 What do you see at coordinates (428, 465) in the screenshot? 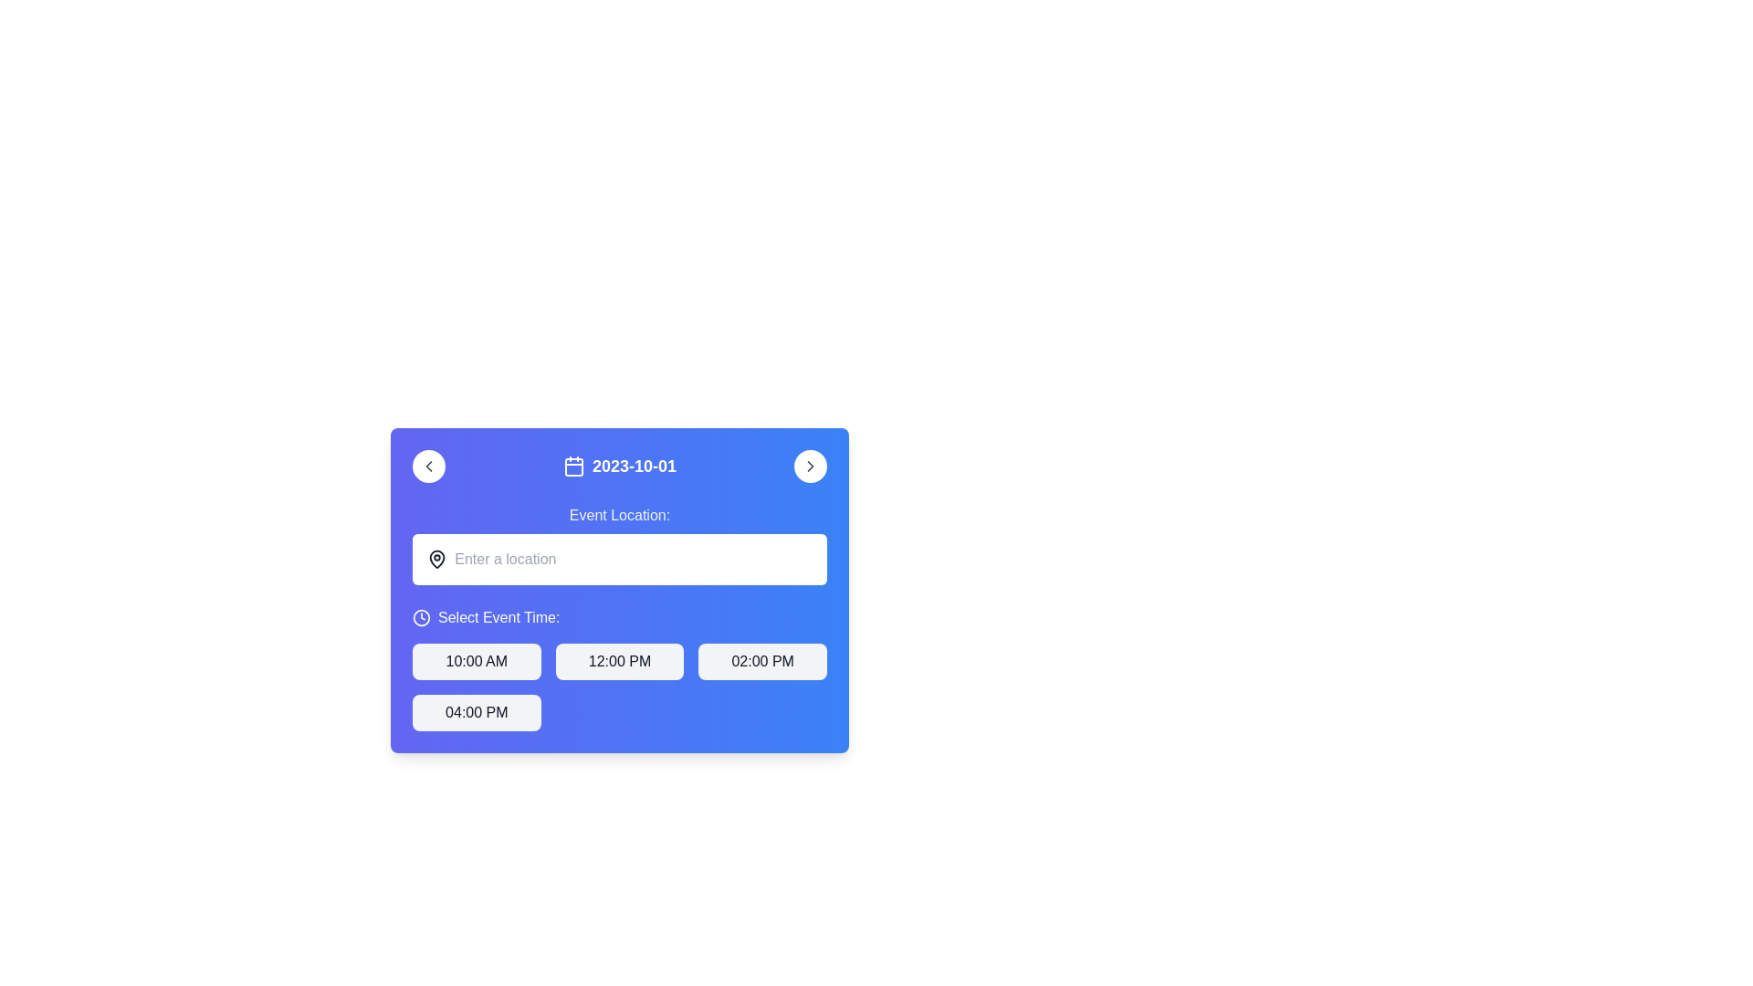
I see `the button with a chevron icon that serves as a navigation control for moving to a previous date, positioned to the left of the date display '2023-10-01'` at bounding box center [428, 465].